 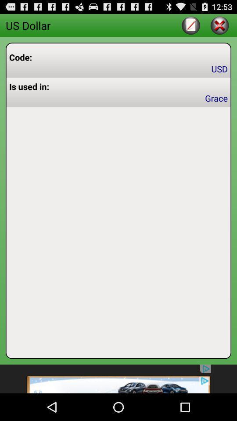 I want to click on advertisement on an app, so click(x=118, y=378).